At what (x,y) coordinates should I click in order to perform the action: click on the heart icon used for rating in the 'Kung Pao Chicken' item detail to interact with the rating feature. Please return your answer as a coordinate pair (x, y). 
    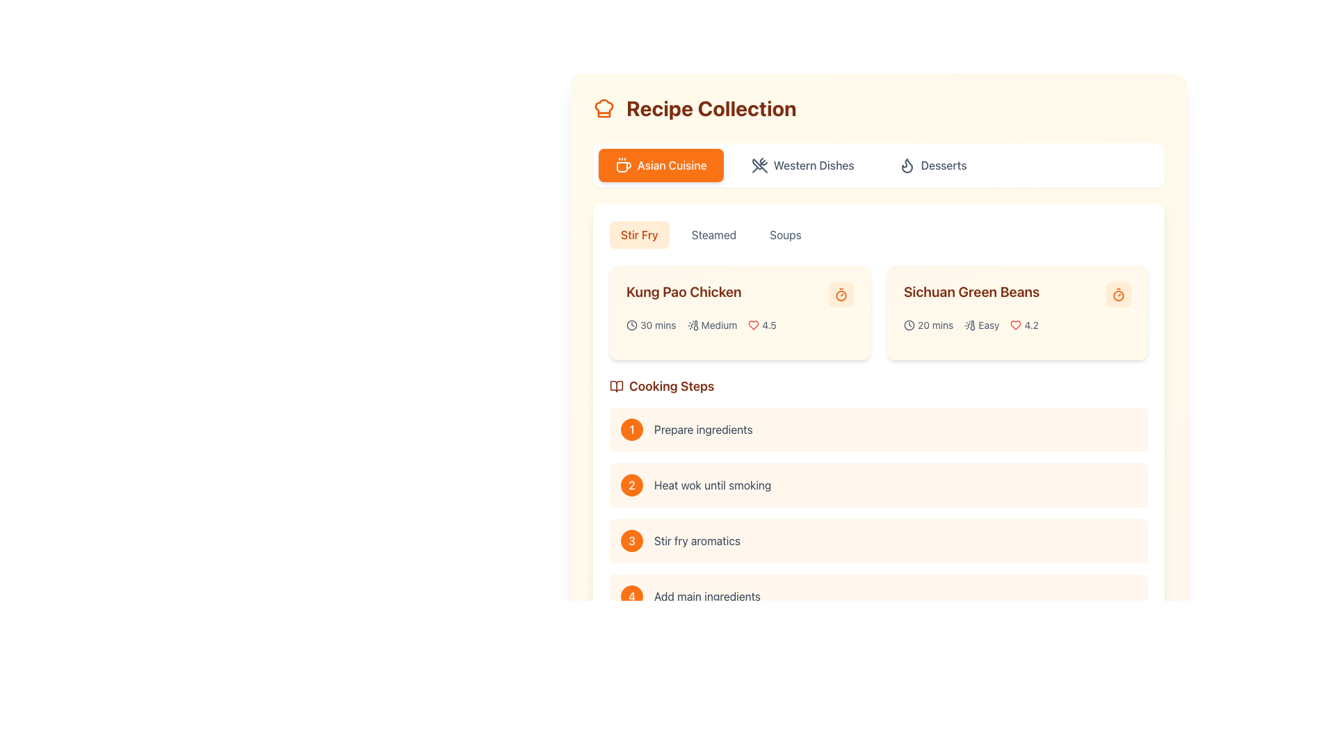
    Looking at the image, I should click on (753, 325).